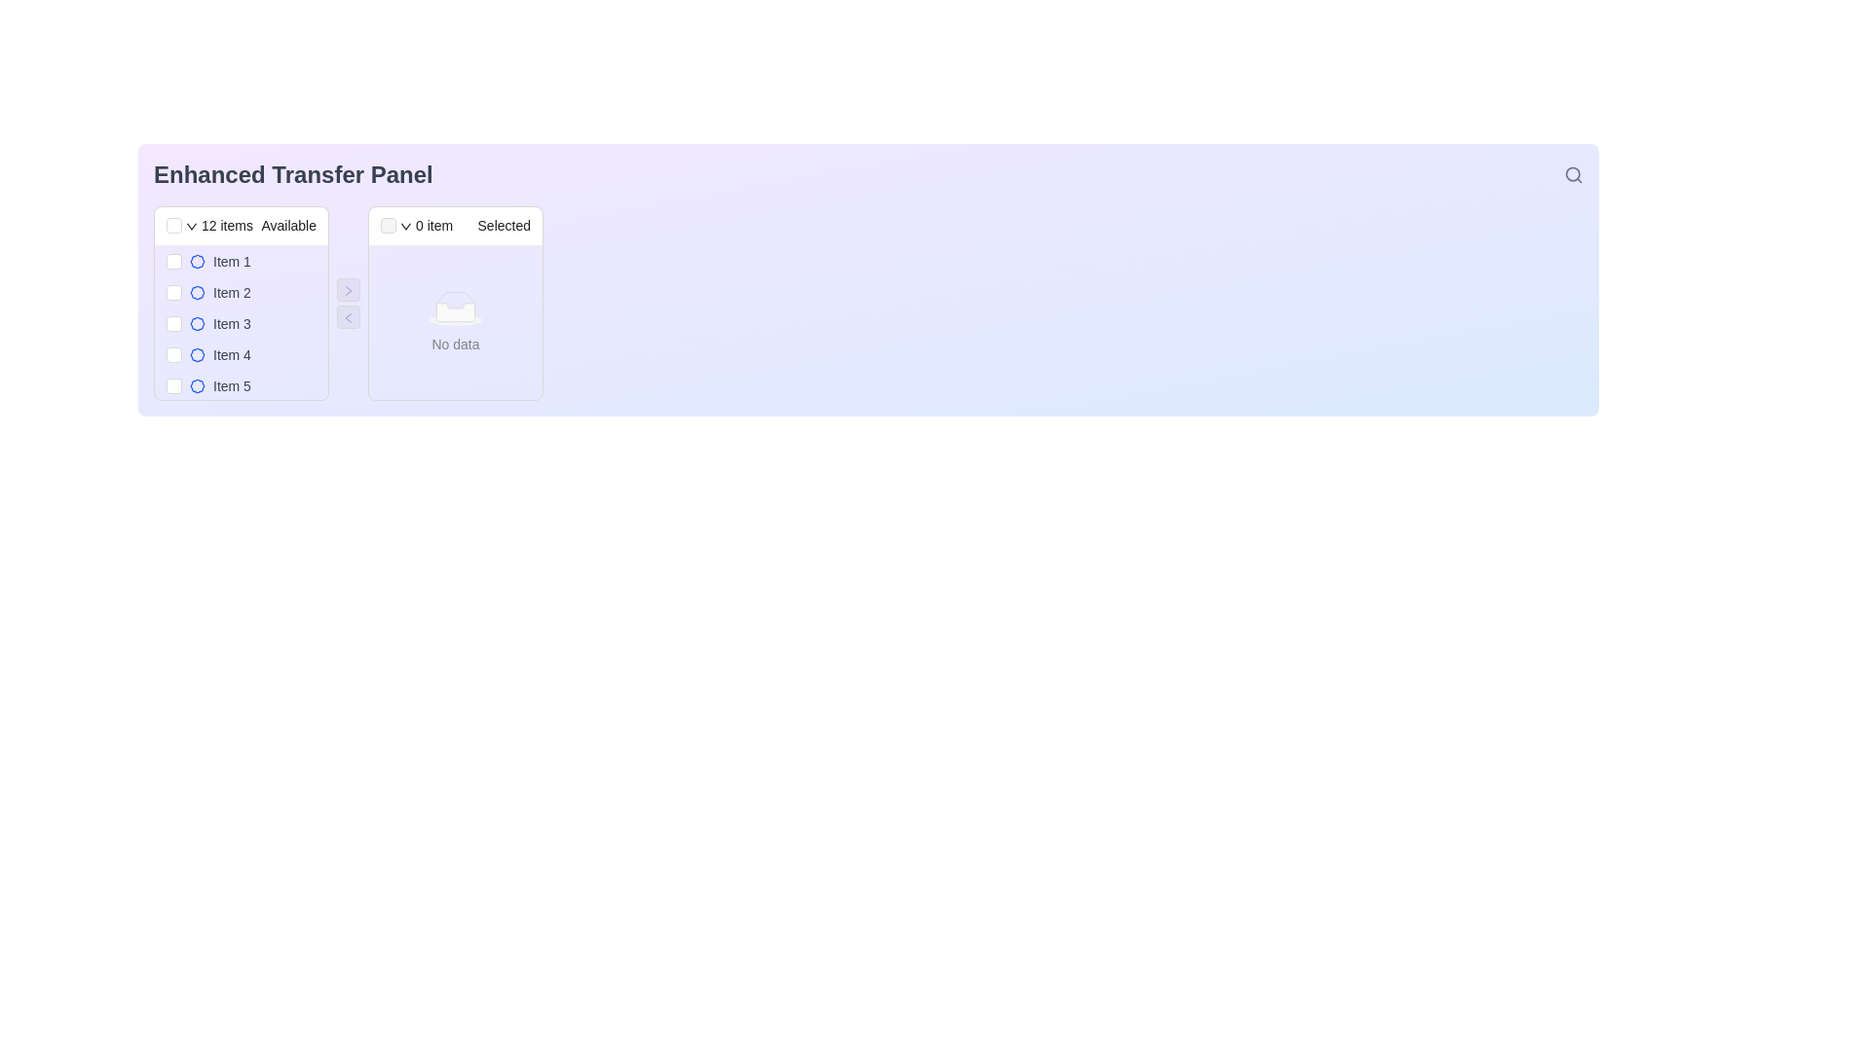  What do you see at coordinates (232, 261) in the screenshot?
I see `the text label for the first item in the list, which is positioned next to a circular checkbox and is part of a horizontally oriented group with an icon` at bounding box center [232, 261].